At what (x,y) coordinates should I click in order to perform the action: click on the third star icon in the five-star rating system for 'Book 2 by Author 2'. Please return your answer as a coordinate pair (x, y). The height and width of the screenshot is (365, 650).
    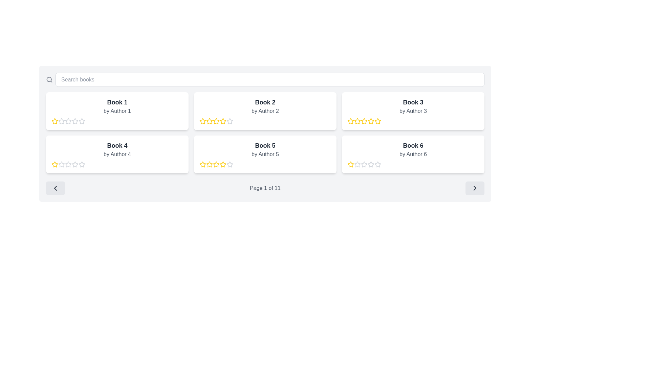
    Looking at the image, I should click on (222, 121).